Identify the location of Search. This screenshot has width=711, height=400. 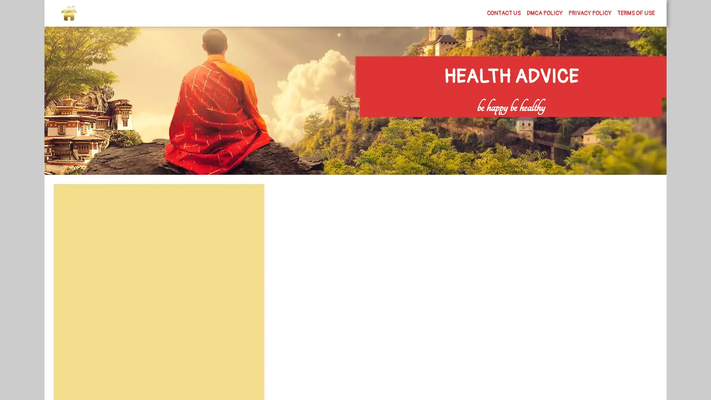
(577, 121).